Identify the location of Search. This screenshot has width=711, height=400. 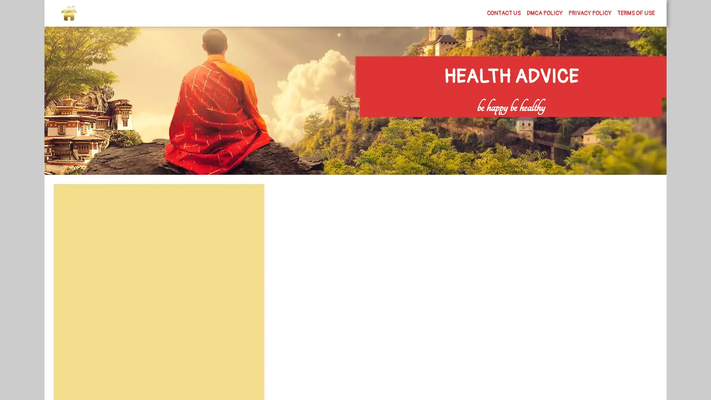
(577, 121).